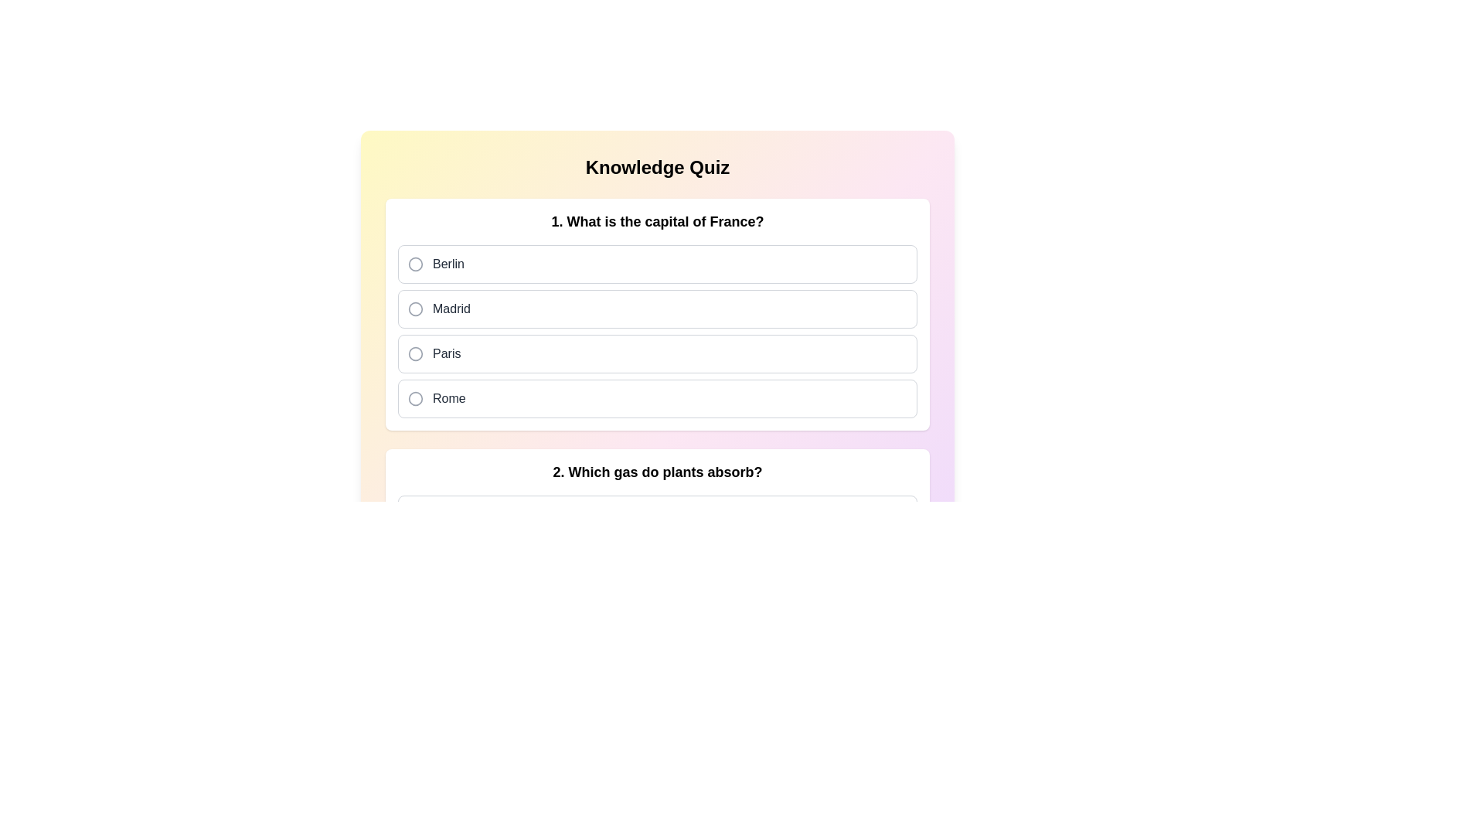 This screenshot has height=835, width=1484. What do you see at coordinates (415, 397) in the screenshot?
I see `the radio button indicator for the answer 'Rome'` at bounding box center [415, 397].